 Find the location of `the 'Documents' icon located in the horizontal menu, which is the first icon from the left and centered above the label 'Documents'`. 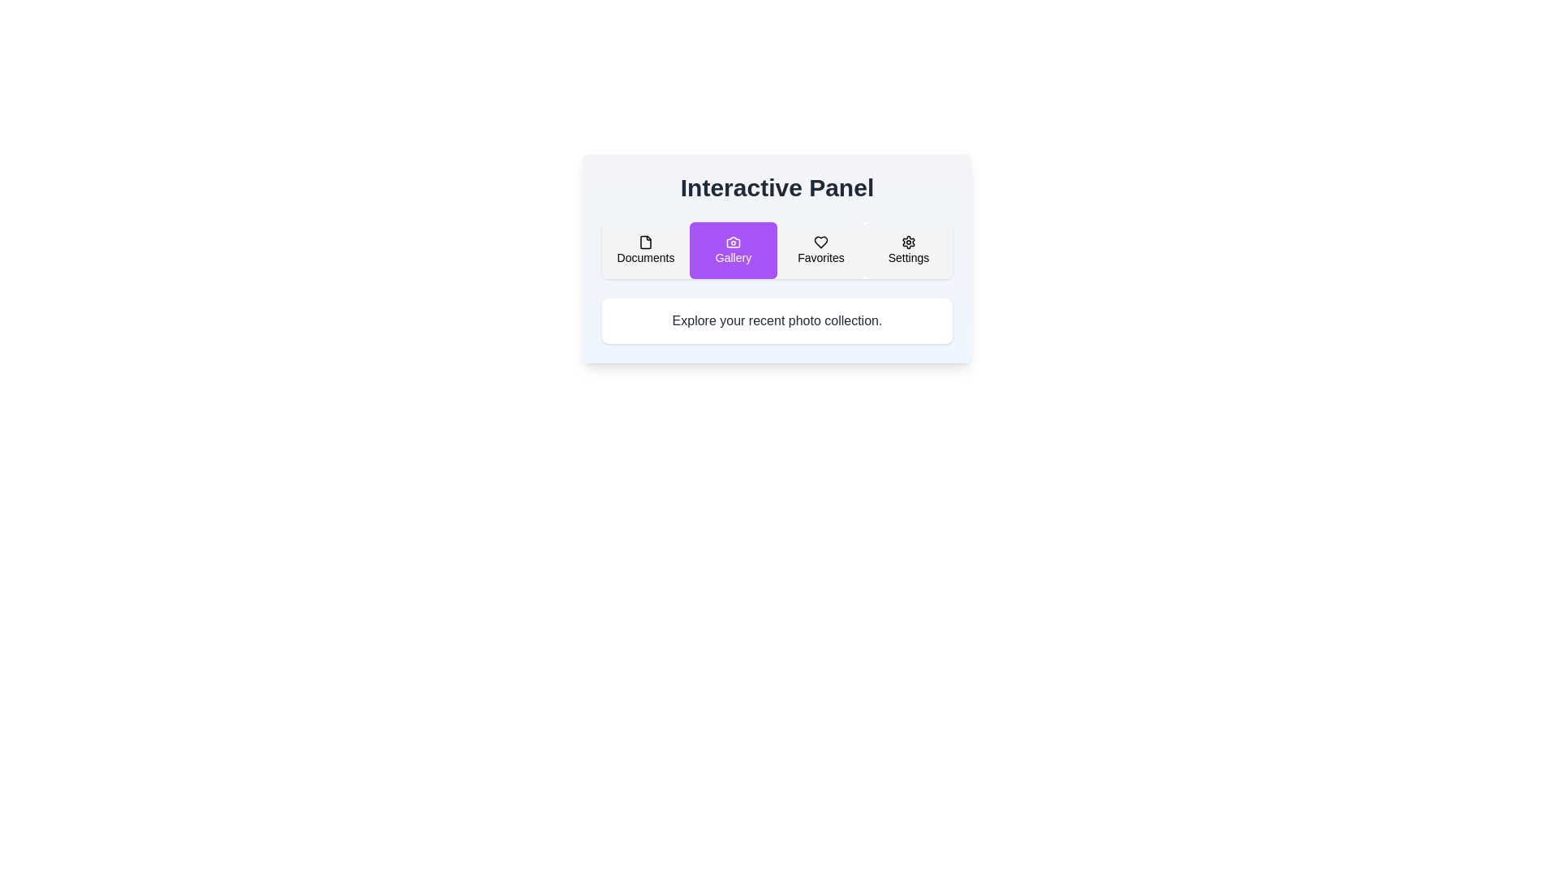

the 'Documents' icon located in the horizontal menu, which is the first icon from the left and centered above the label 'Documents' is located at coordinates (645, 243).